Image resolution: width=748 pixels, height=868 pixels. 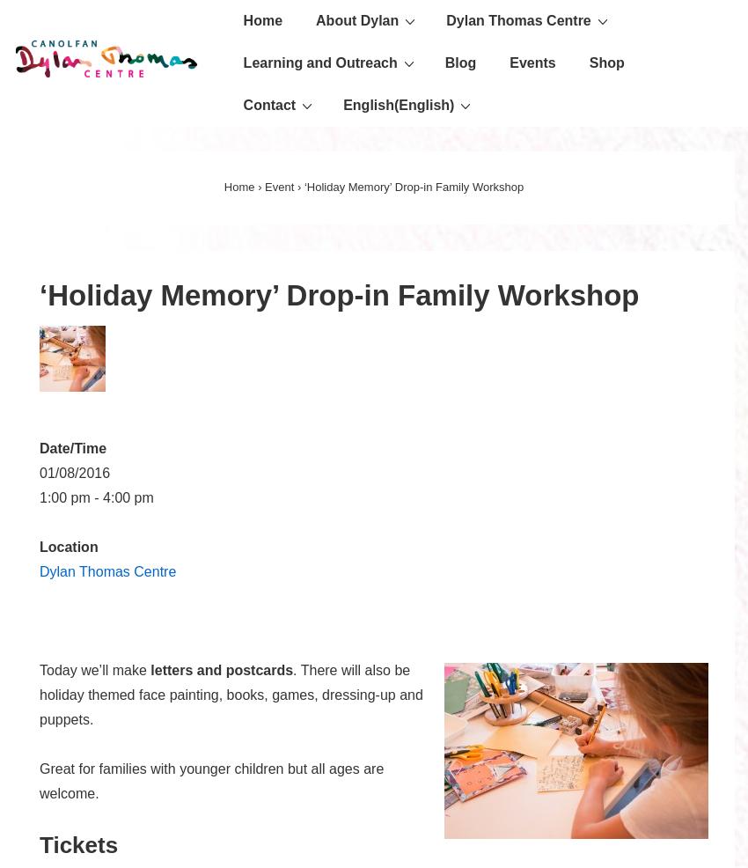 What do you see at coordinates (211, 780) in the screenshot?
I see `'Great for families with younger children but all ages are welcome.'` at bounding box center [211, 780].